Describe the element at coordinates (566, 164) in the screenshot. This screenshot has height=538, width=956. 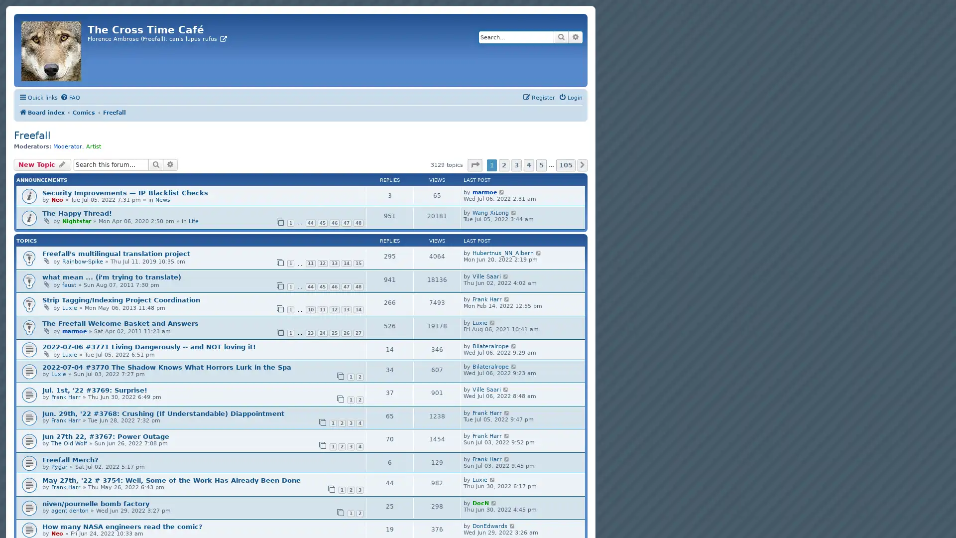
I see `105` at that location.